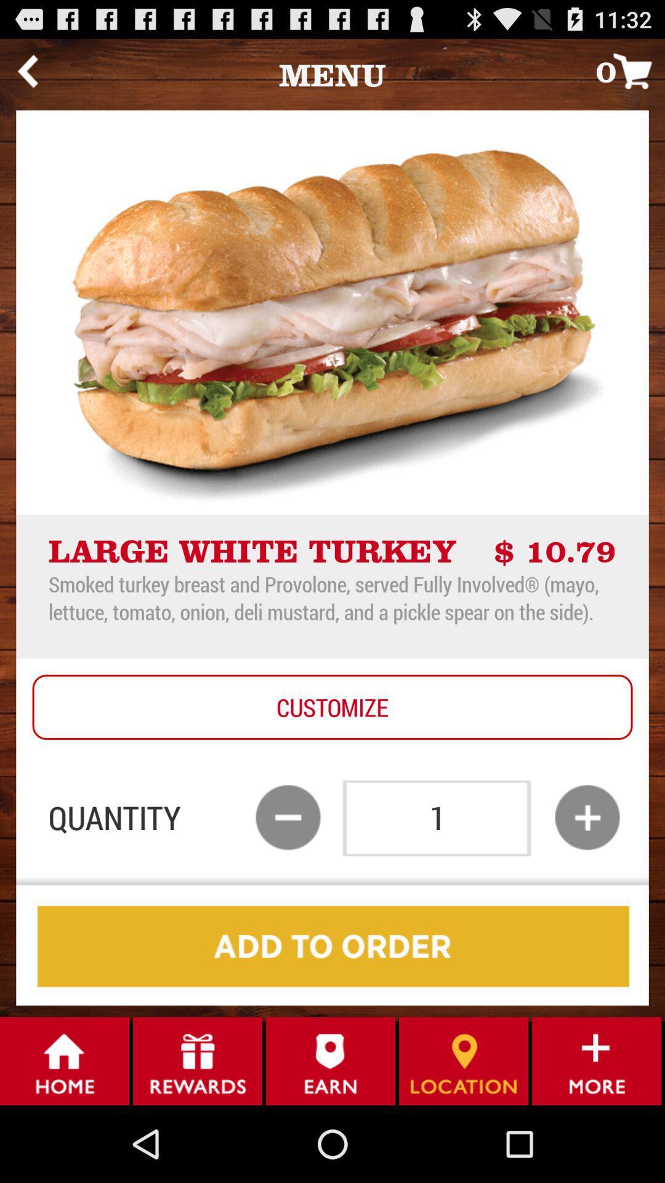 The width and height of the screenshot is (665, 1183). I want to click on the app at the top left corner, so click(27, 70).